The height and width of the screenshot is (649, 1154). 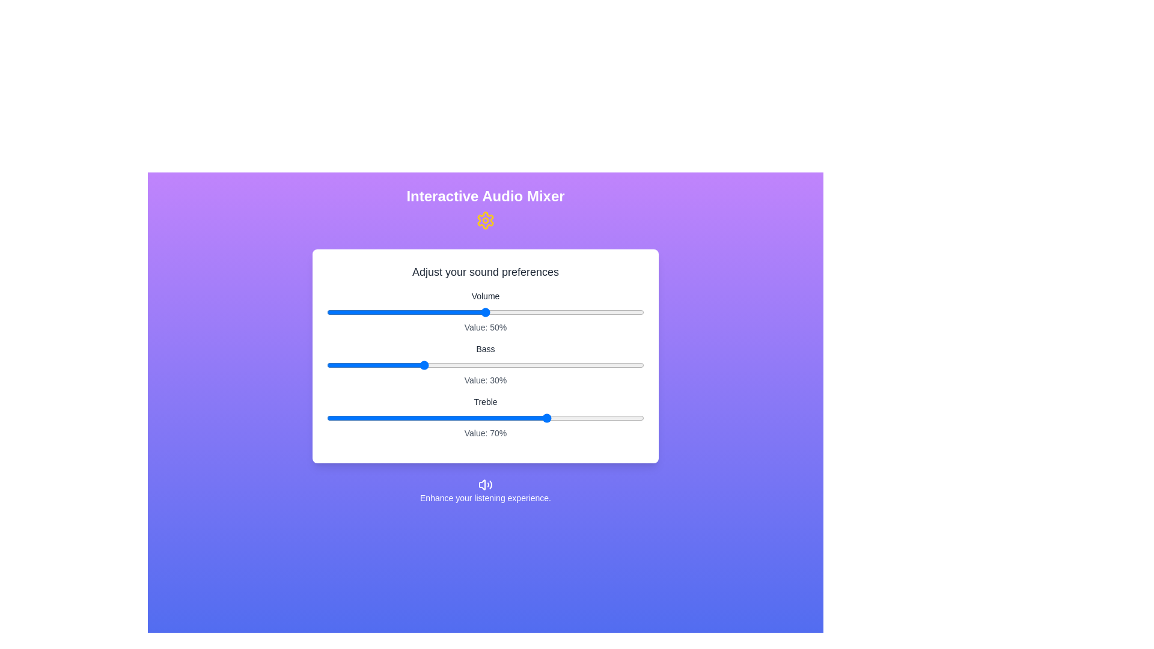 What do you see at coordinates (609, 312) in the screenshot?
I see `the slider for 0 to 89%` at bounding box center [609, 312].